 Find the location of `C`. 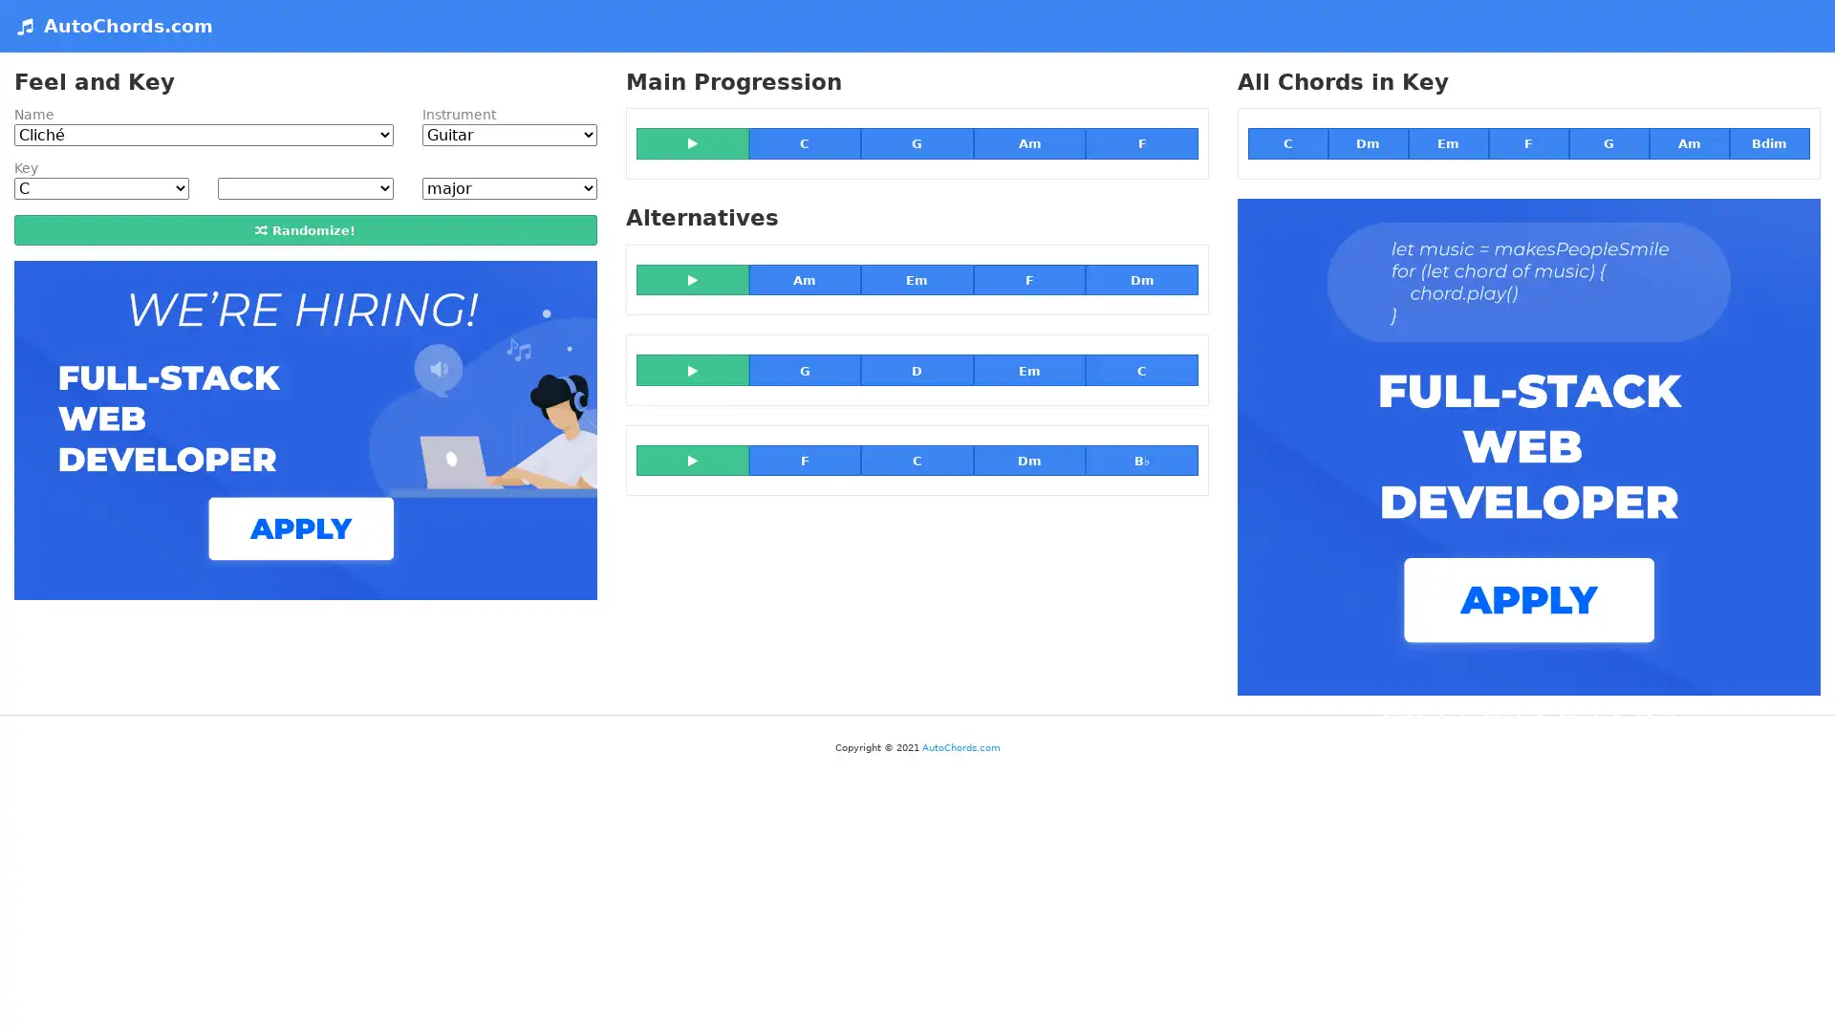

C is located at coordinates (1288, 142).